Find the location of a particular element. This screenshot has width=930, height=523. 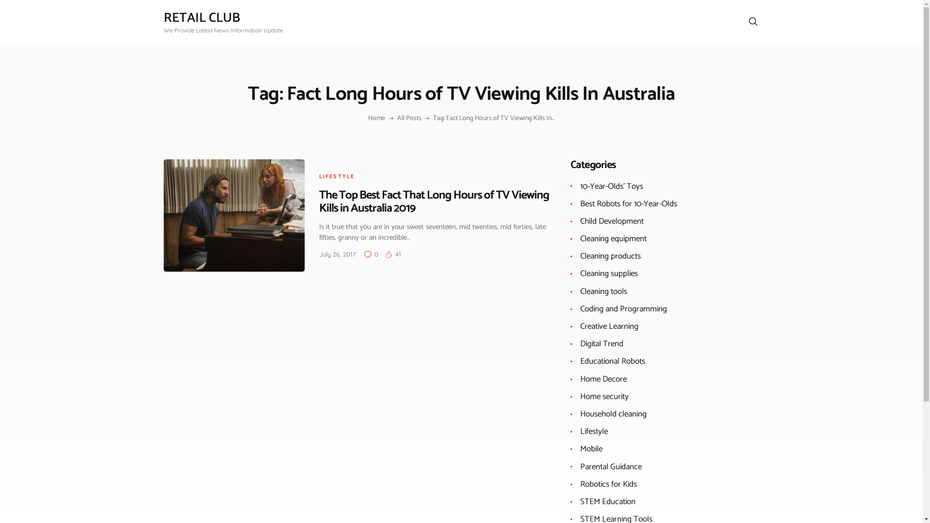

'Robotics for Kids' is located at coordinates (608, 484).